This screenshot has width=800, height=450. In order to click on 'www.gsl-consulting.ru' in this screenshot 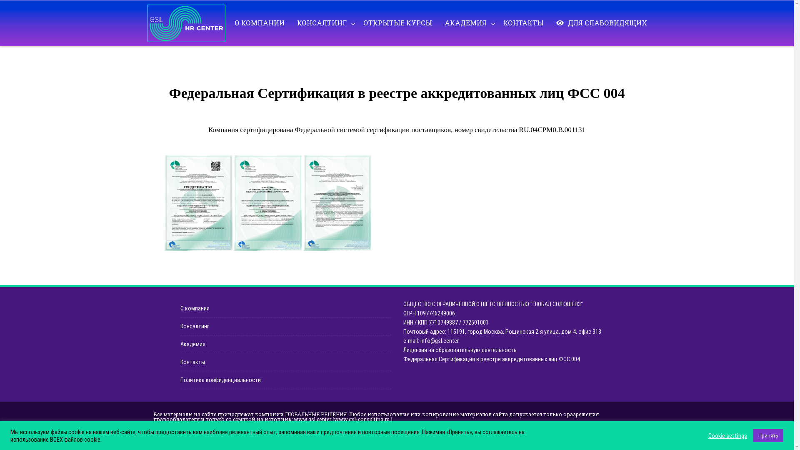, I will do `click(362, 419)`.